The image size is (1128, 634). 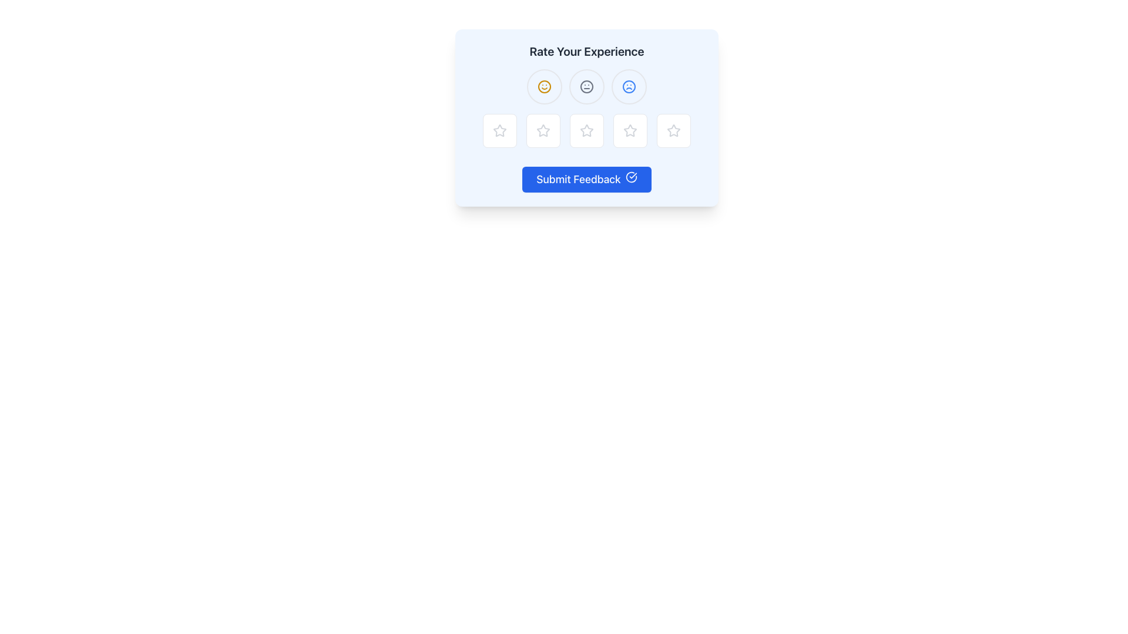 What do you see at coordinates (586, 117) in the screenshot?
I see `the third star icon from the left within the rating system for customization` at bounding box center [586, 117].